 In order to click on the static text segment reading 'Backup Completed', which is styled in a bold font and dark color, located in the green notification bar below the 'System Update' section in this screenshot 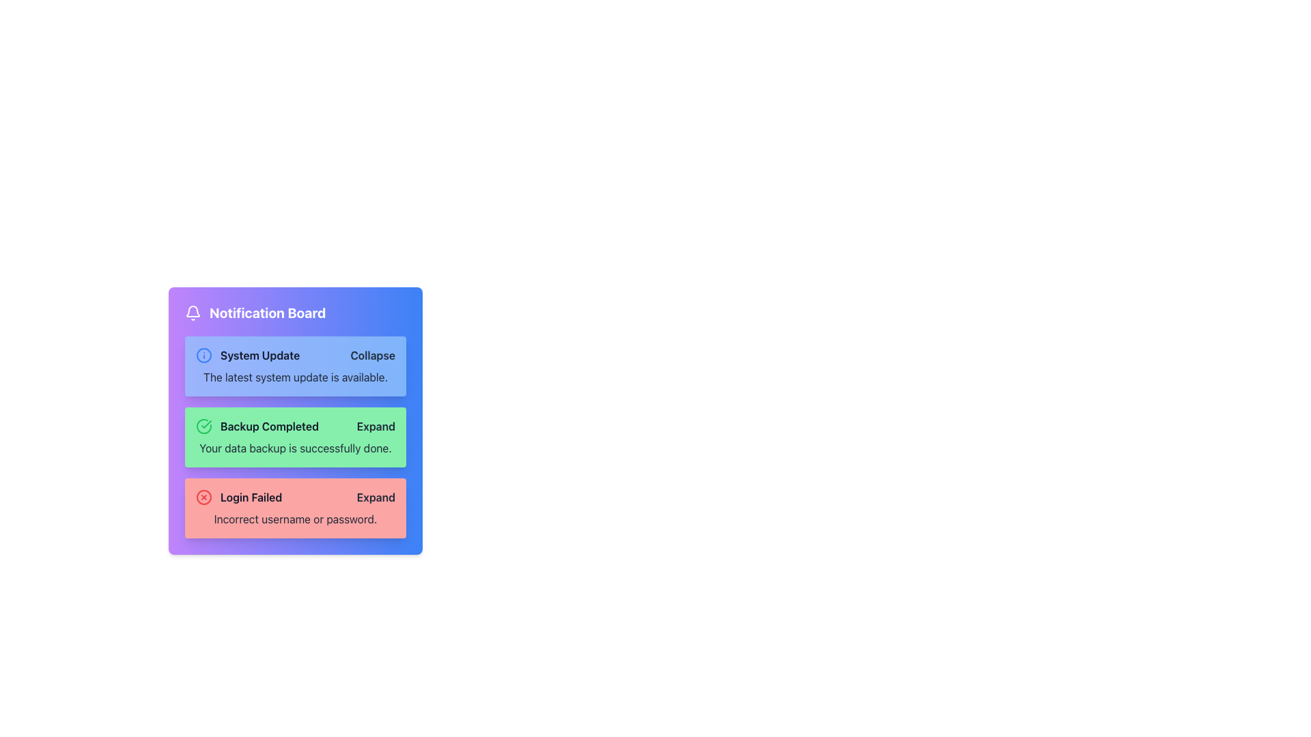, I will do `click(257, 425)`.